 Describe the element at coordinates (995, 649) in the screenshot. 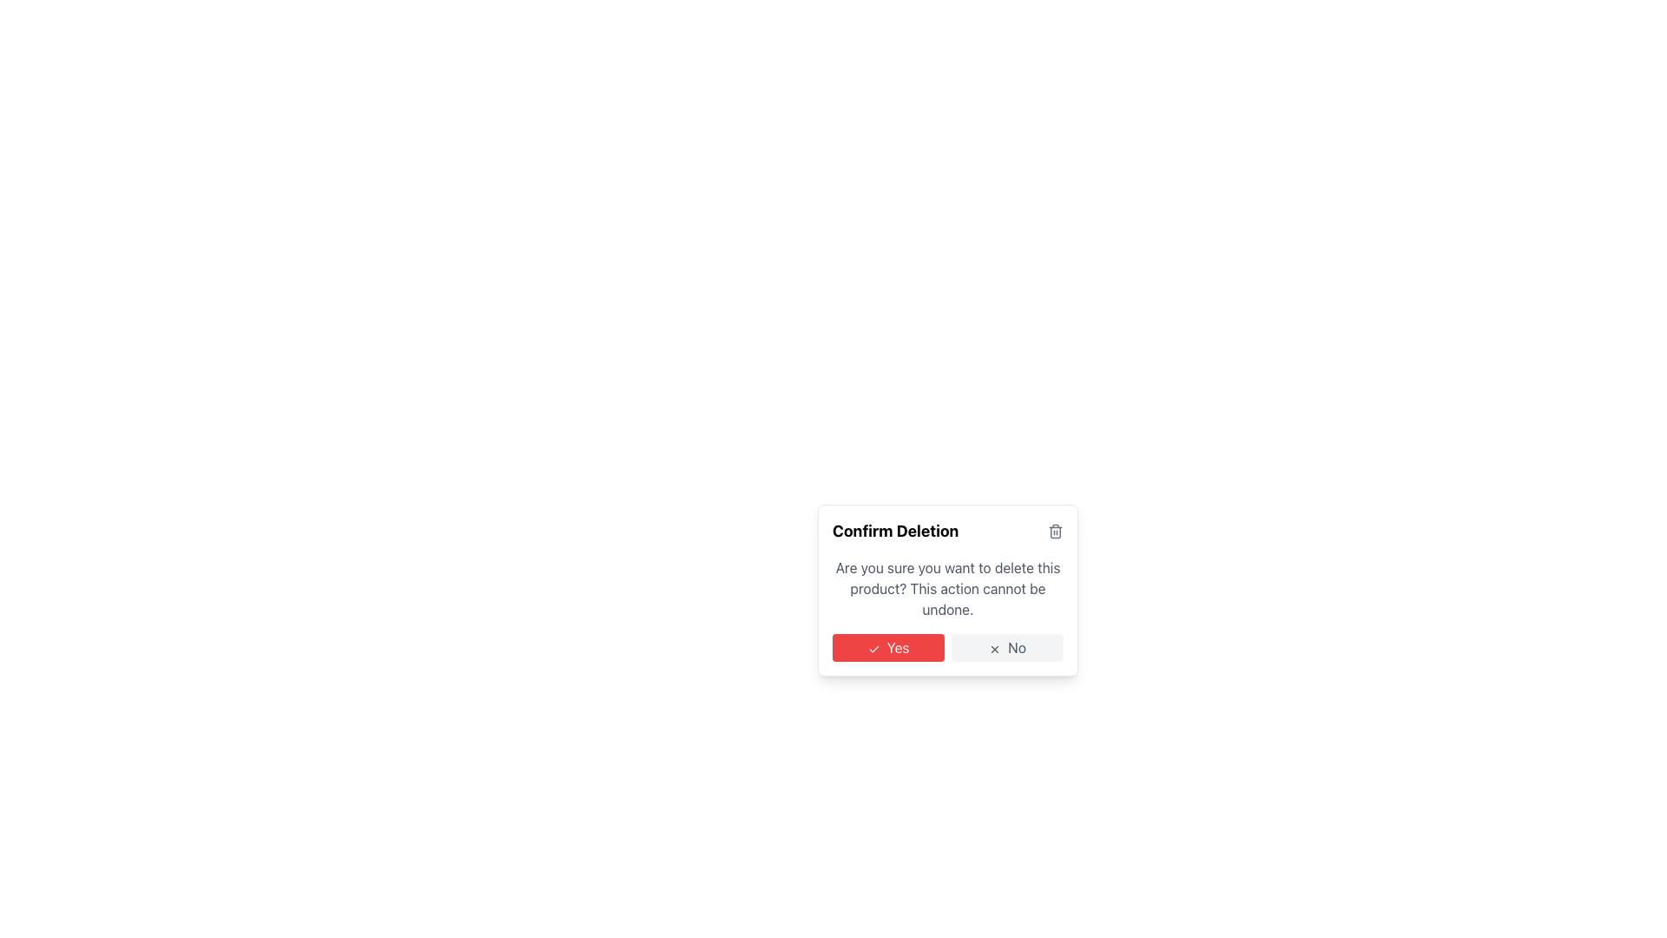

I see `the negation icon located inside the 'No' button at the bottom-right of the 'Confirm Deletion' dialog box` at that location.